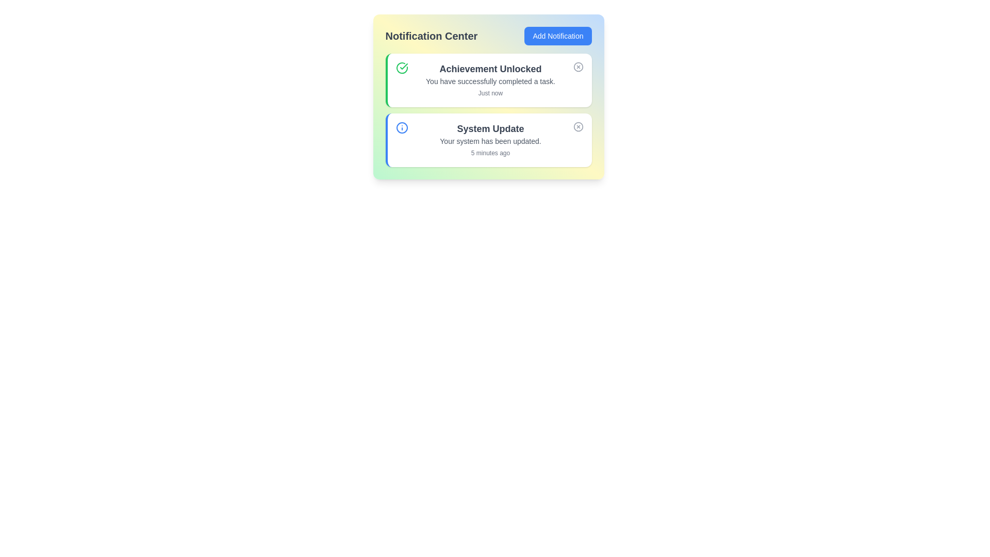 The height and width of the screenshot is (557, 990). Describe the element at coordinates (401, 127) in the screenshot. I see `the information icon located to the left of the 'System Update' text in the second notification of the notification center to possibly open details` at that location.